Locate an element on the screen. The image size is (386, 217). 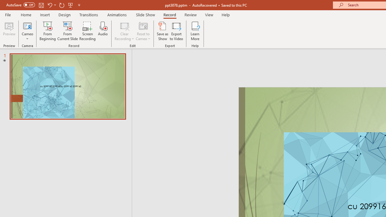
'Animations' is located at coordinates (117, 14).